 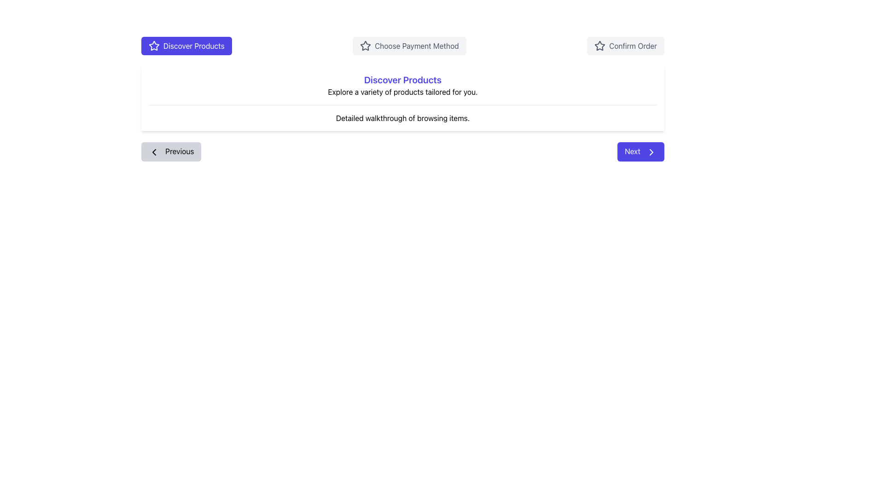 I want to click on the forward action icon located in the 'Next' button at the bottom-right corner of the interface, so click(x=651, y=151).